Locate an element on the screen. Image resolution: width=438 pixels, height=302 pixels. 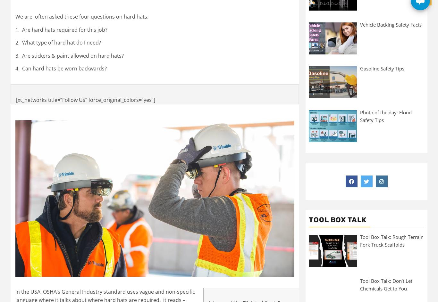
'Tool Box Talk: Rough Terrain Fork Truck Scaffolds' is located at coordinates (392, 241).